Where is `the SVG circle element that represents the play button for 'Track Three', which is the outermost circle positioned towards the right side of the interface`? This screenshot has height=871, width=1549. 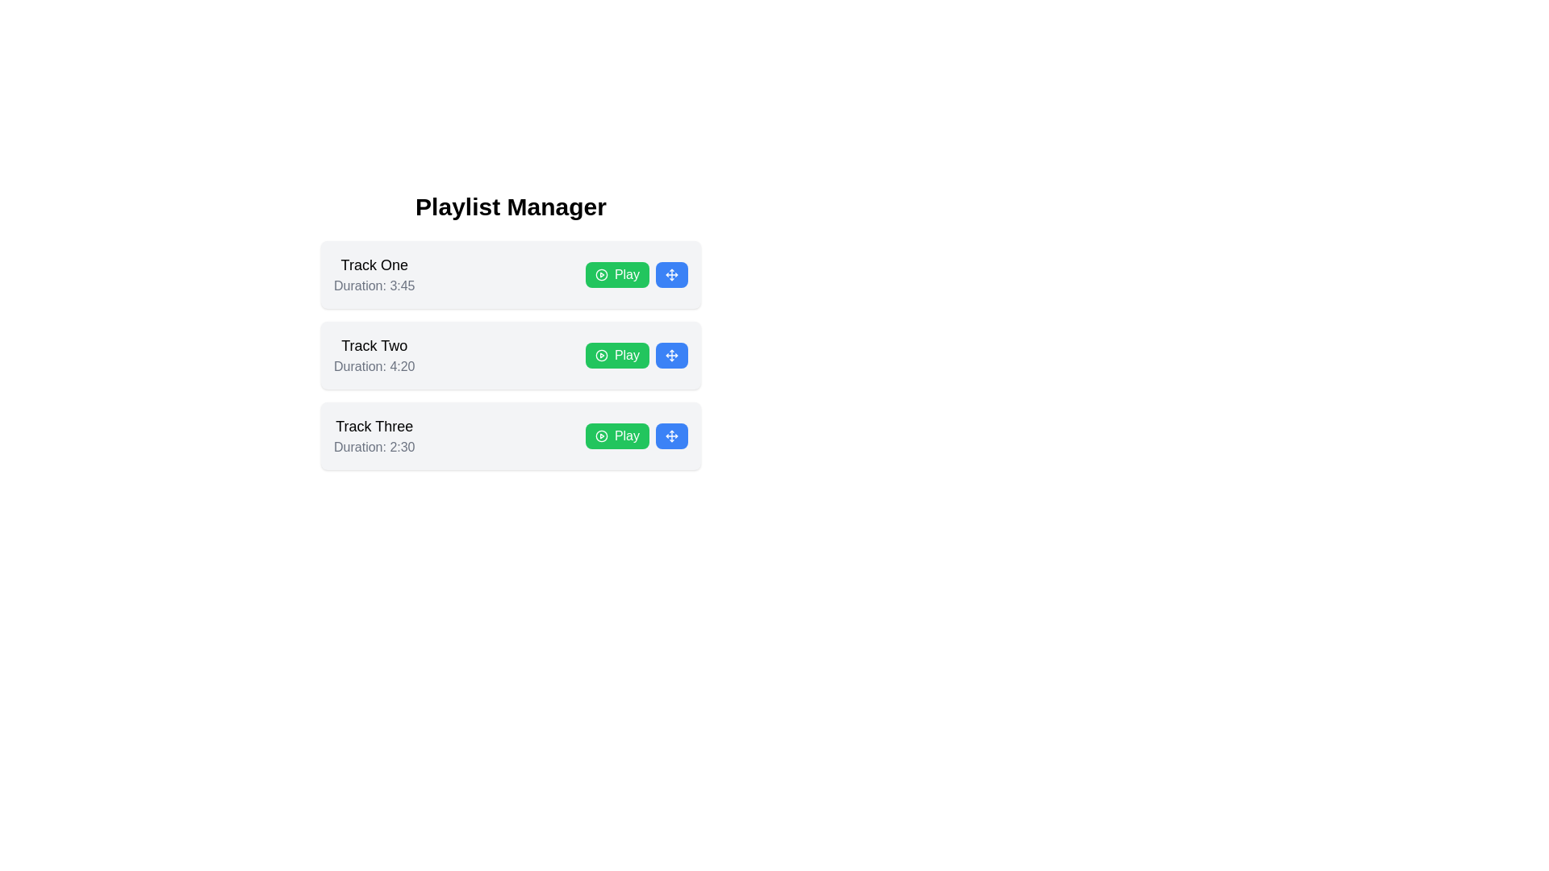
the SVG circle element that represents the play button for 'Track Three', which is the outermost circle positioned towards the right side of the interface is located at coordinates (600, 435).